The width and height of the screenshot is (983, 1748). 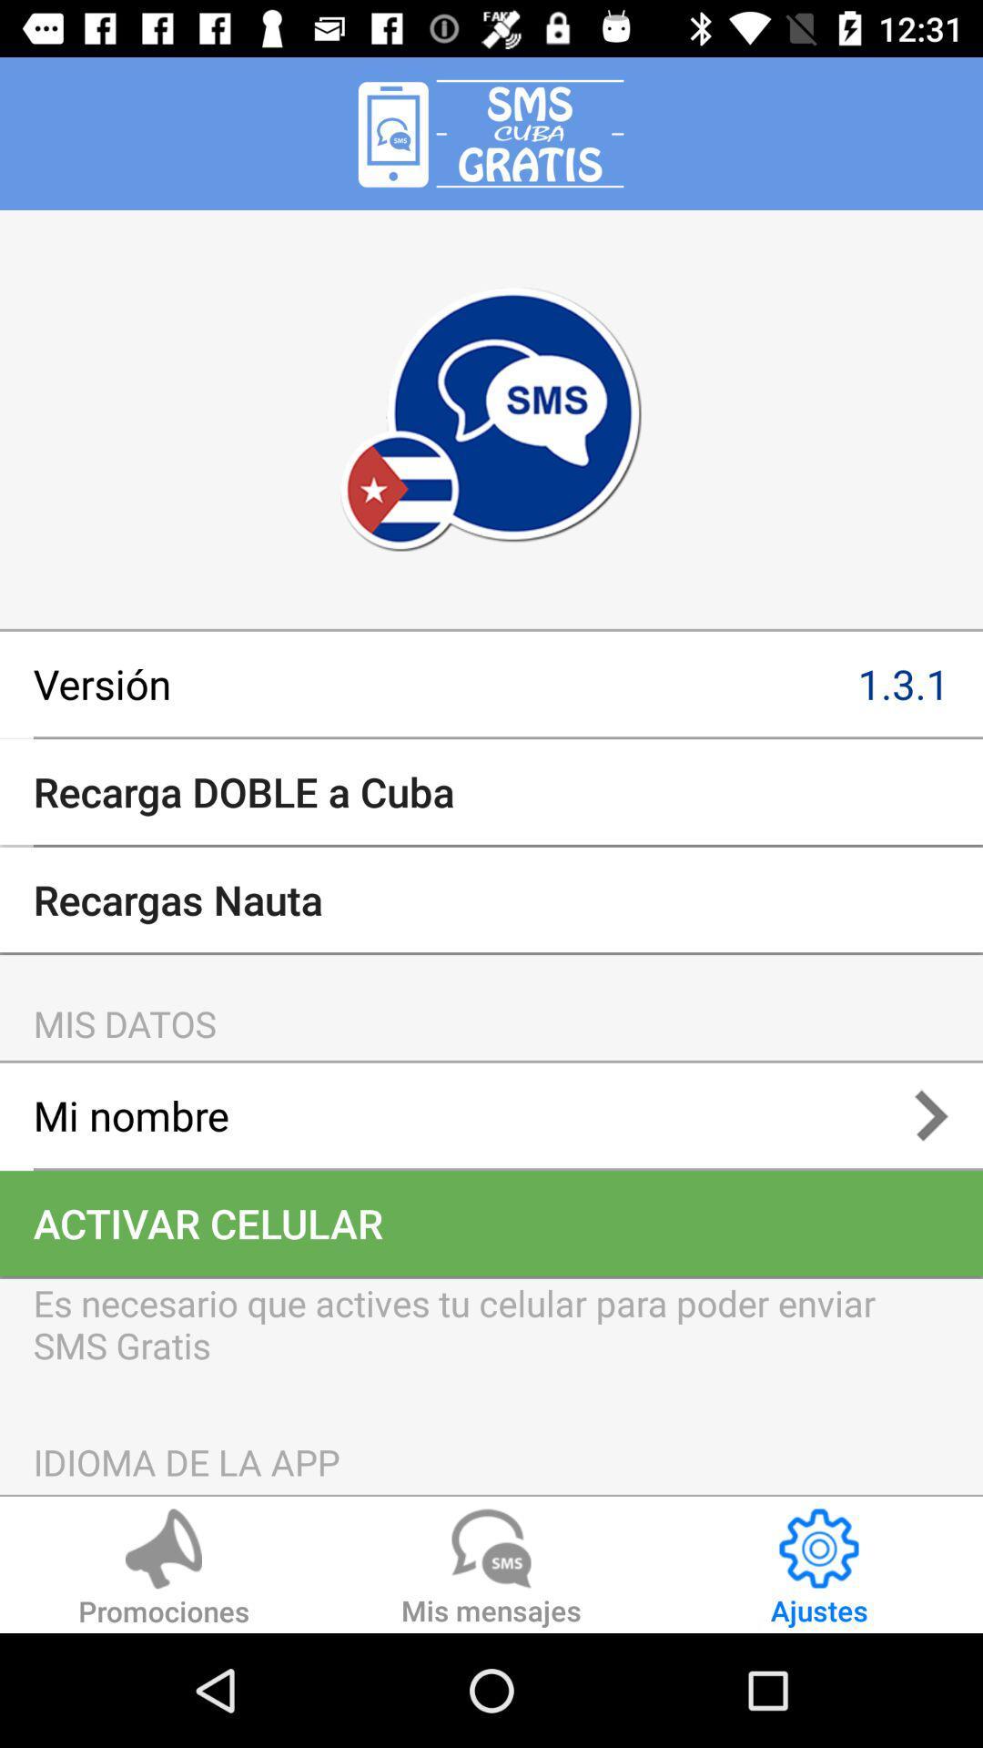 What do you see at coordinates (491, 1570) in the screenshot?
I see `mis mensajes item` at bounding box center [491, 1570].